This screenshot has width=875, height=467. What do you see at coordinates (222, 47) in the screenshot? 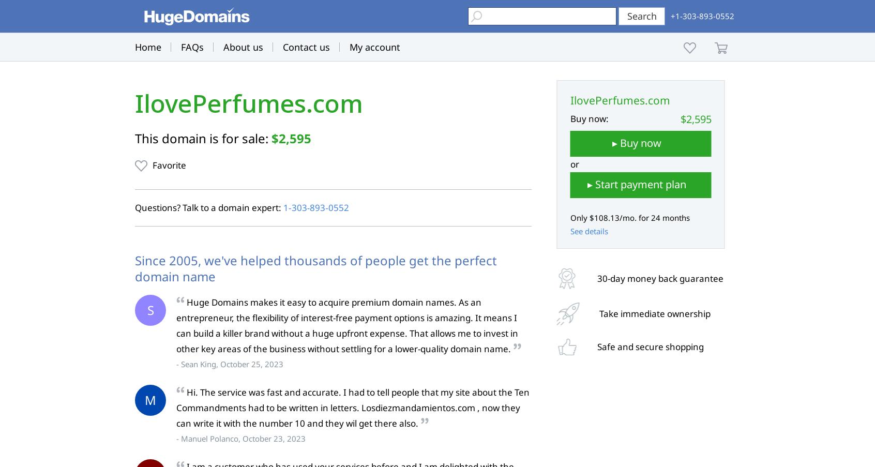
I see `'About us'` at bounding box center [222, 47].